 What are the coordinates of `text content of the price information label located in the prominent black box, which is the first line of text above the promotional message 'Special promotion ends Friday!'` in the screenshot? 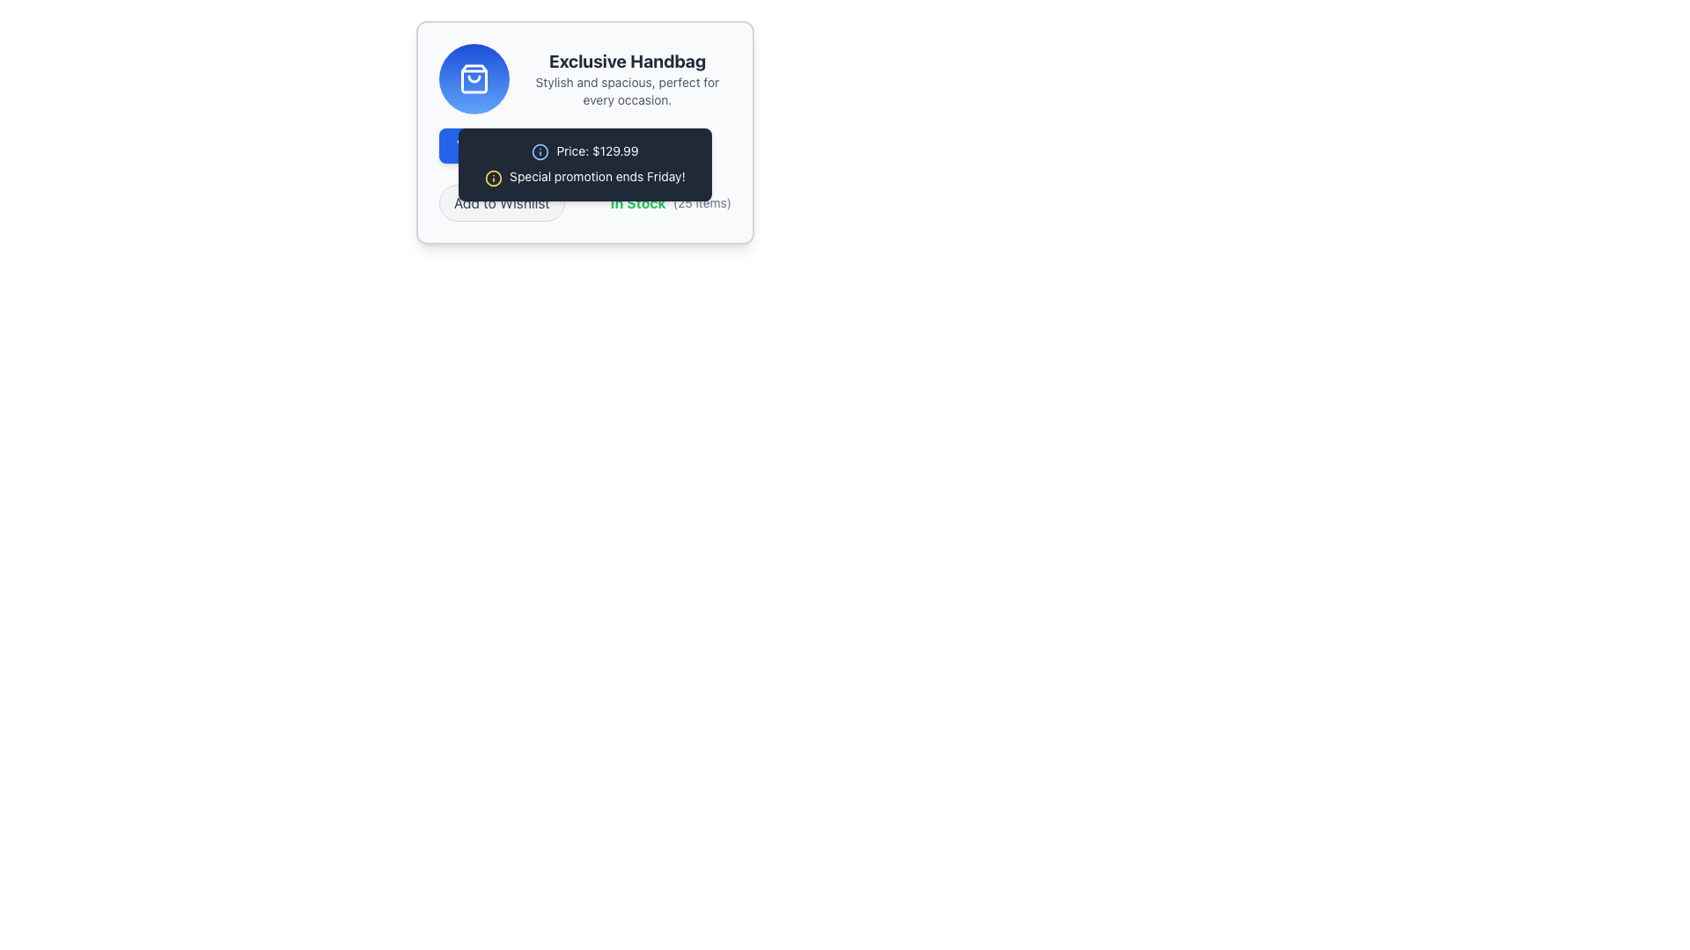 It's located at (585, 150).